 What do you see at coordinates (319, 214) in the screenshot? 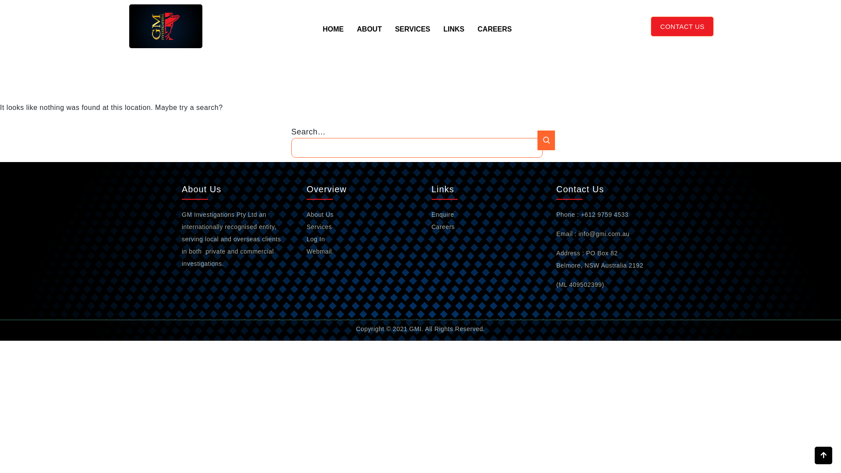
I see `'About Us'` at bounding box center [319, 214].